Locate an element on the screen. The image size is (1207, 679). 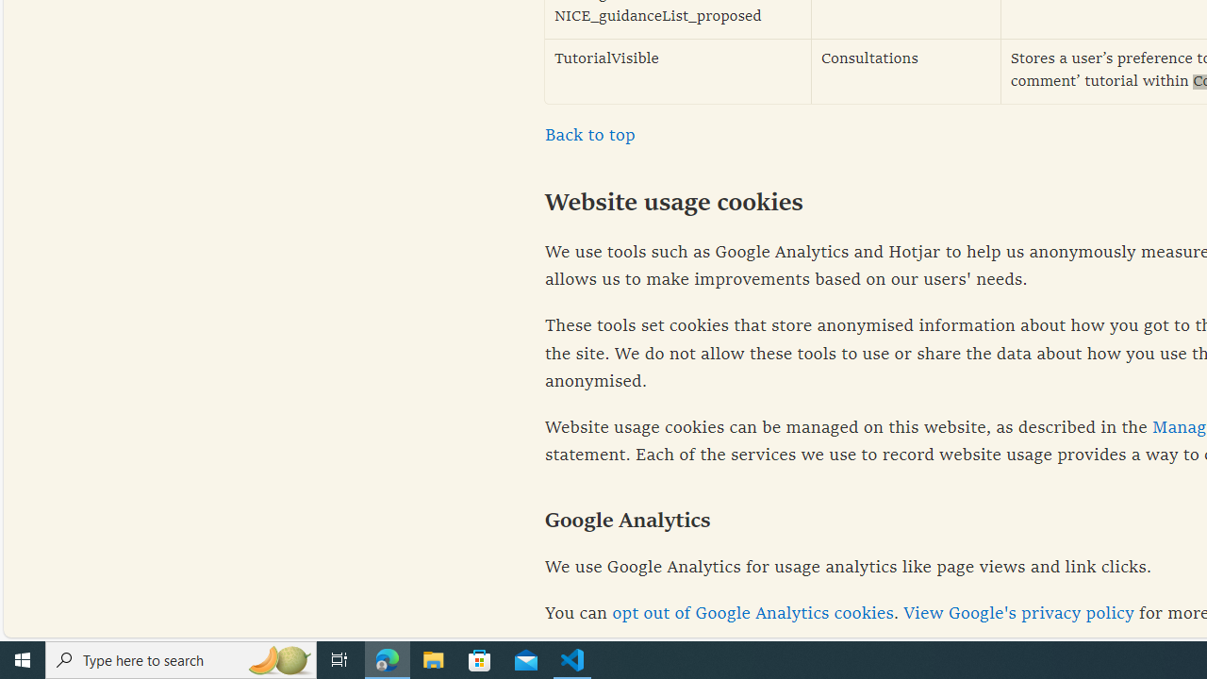
'TutorialVisible' is located at coordinates (678, 70).